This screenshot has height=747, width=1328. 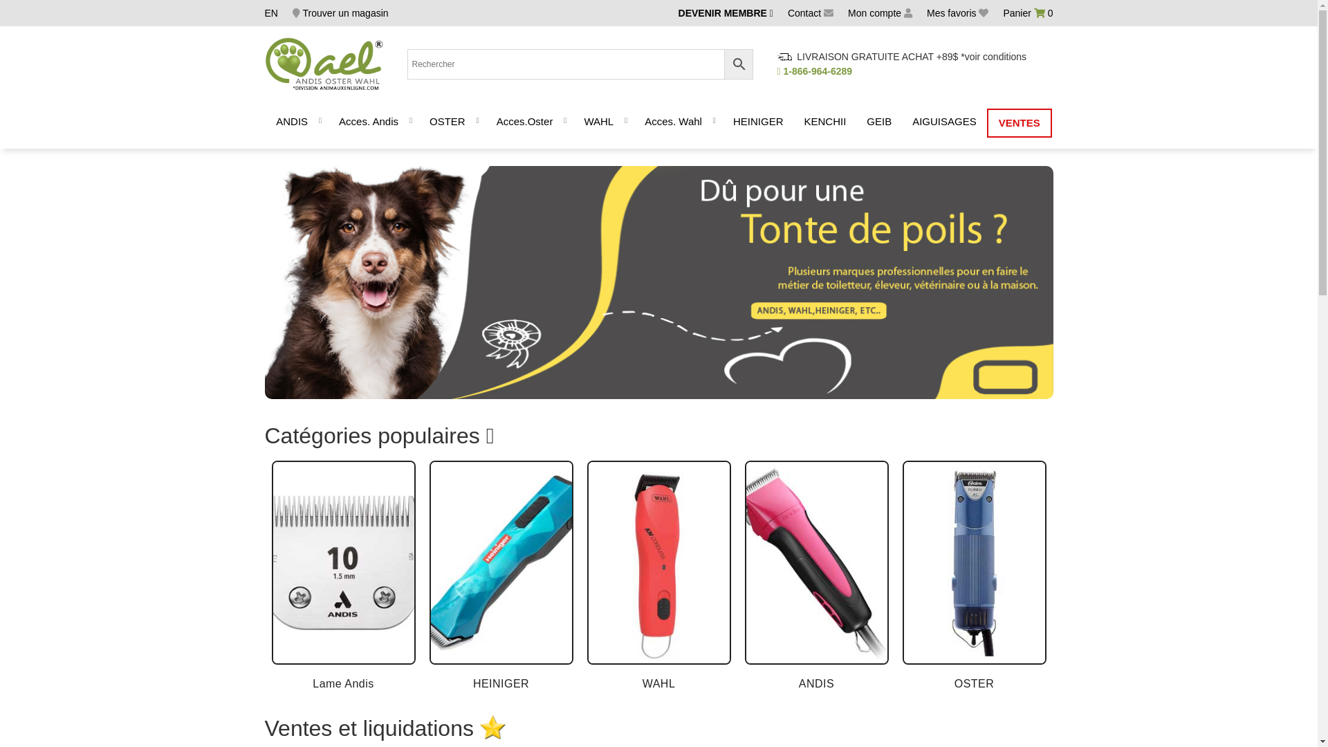 What do you see at coordinates (342, 576) in the screenshot?
I see `'Lame Andis'` at bounding box center [342, 576].